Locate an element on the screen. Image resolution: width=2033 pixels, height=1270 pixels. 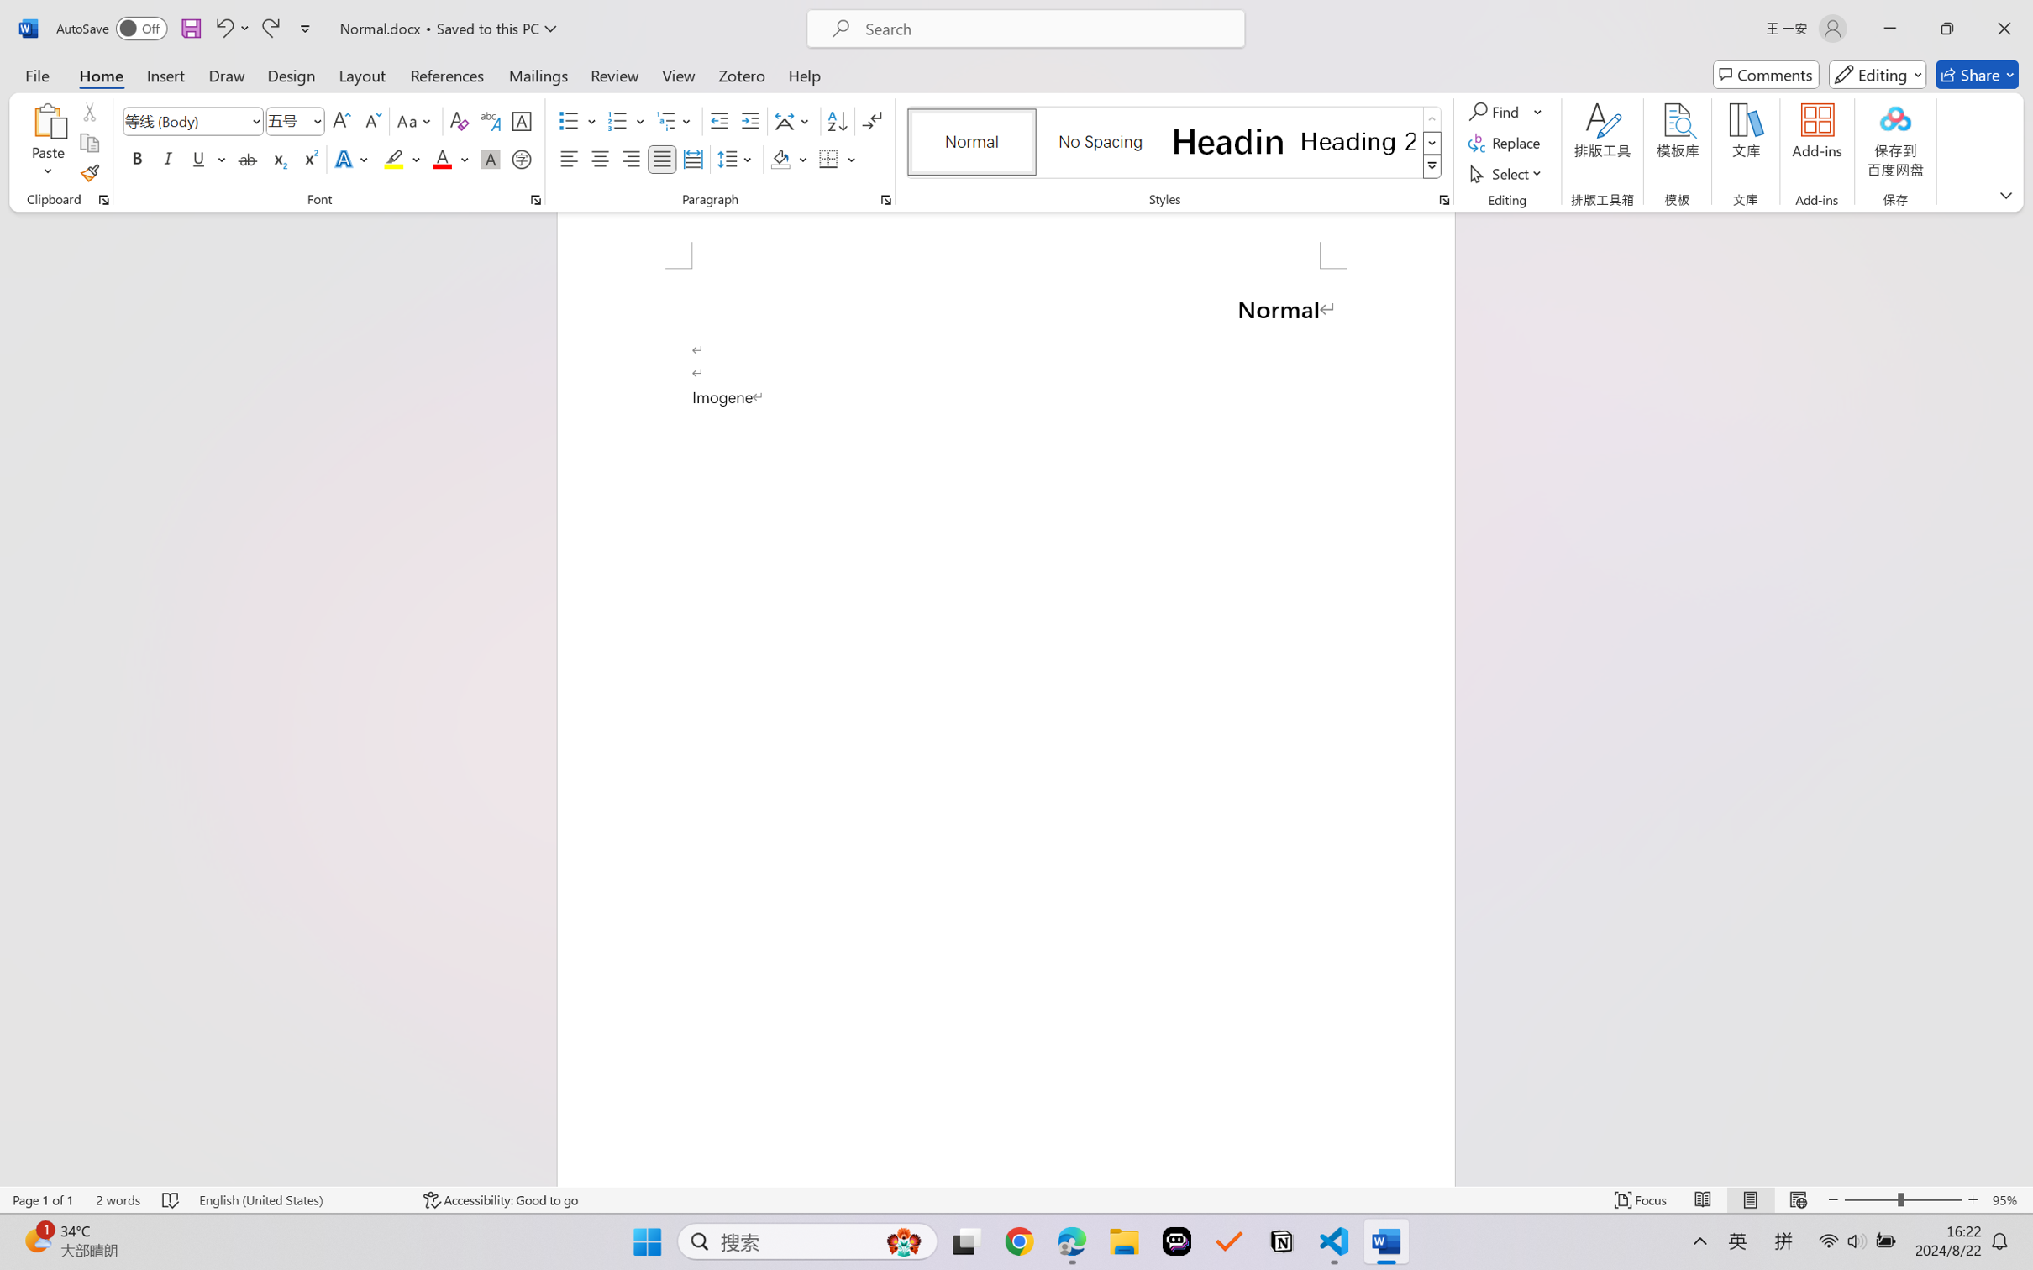
'Character Shading' is located at coordinates (488, 158).